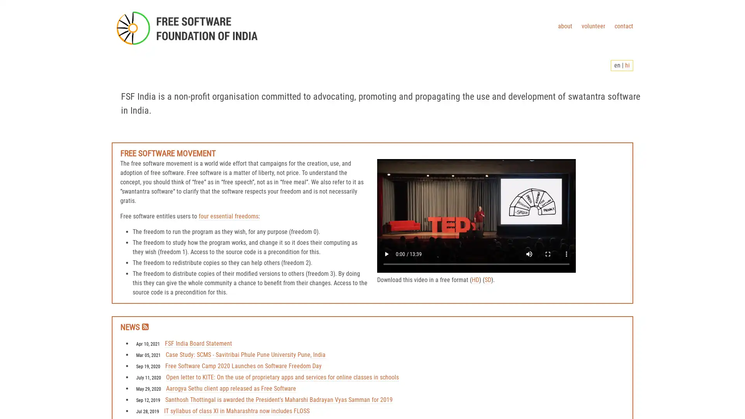 This screenshot has width=745, height=419. I want to click on mute, so click(528, 254).